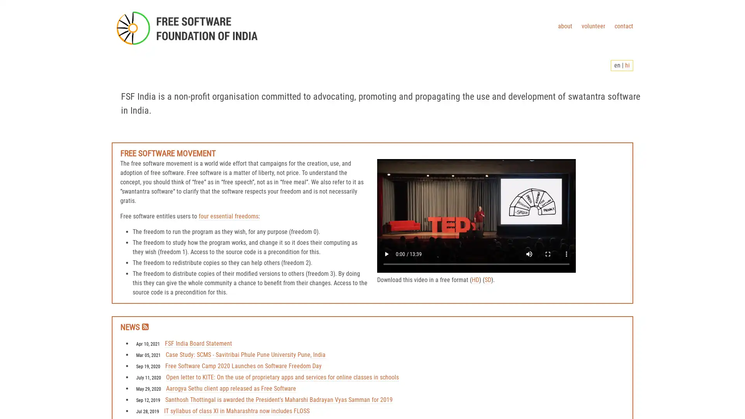 This screenshot has width=745, height=419. I want to click on mute, so click(528, 254).